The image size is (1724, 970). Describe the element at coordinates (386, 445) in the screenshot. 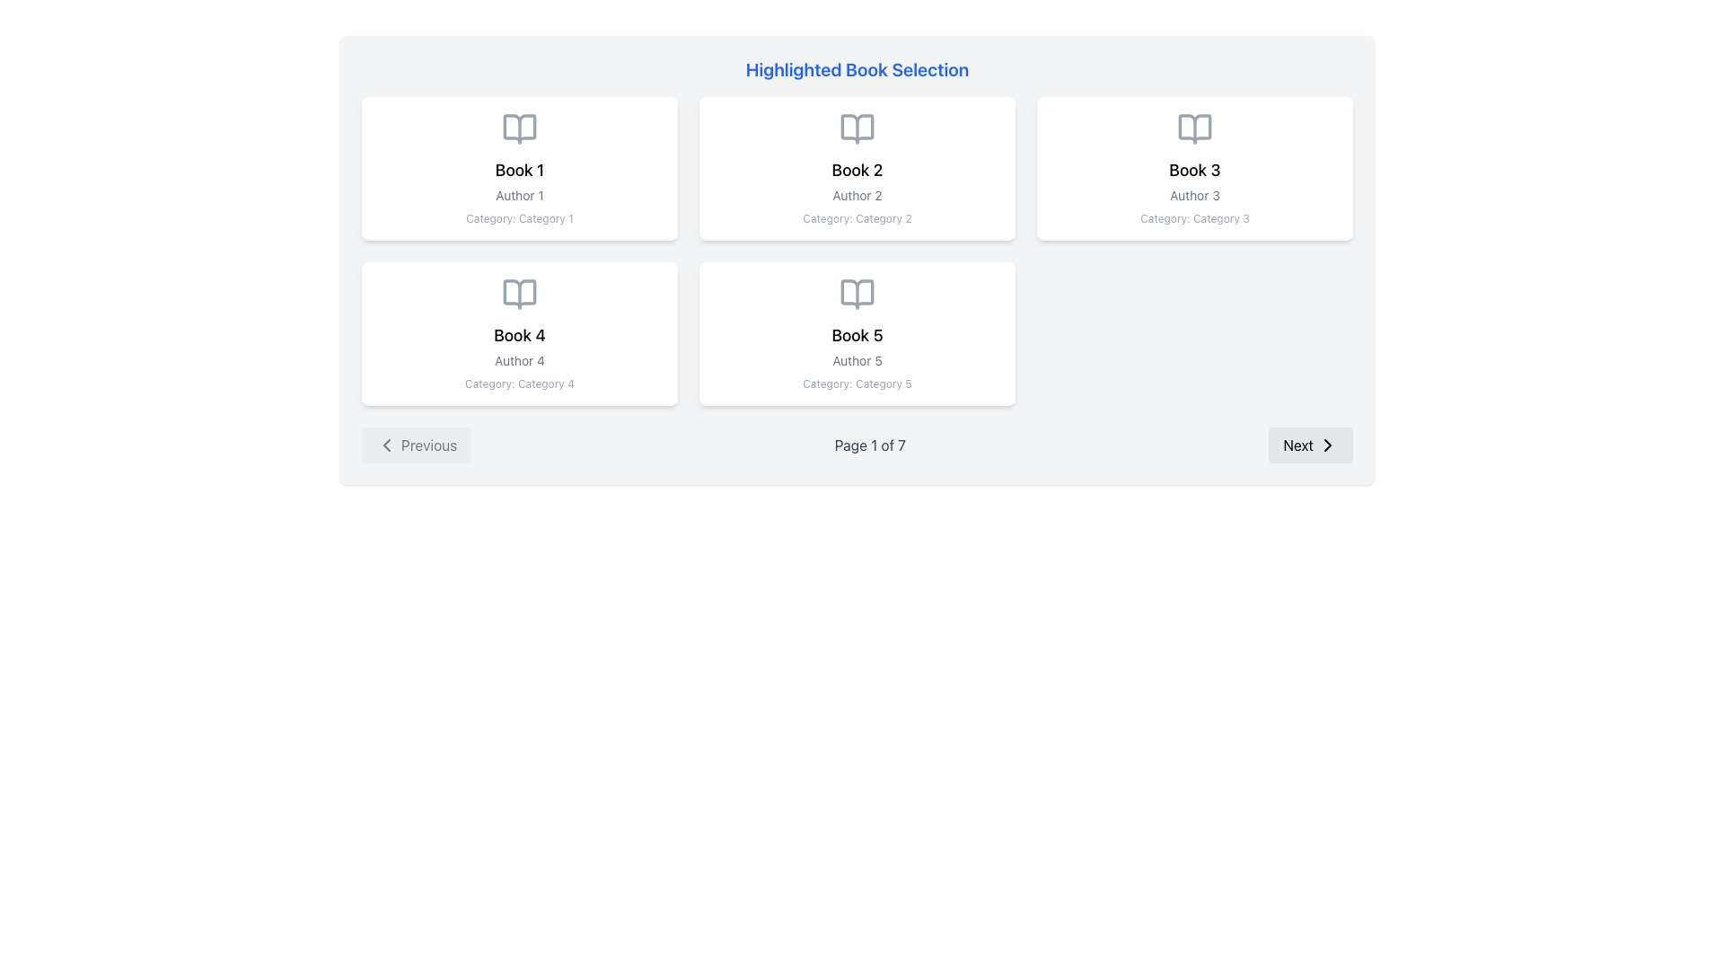

I see `the backward navigation icon located within the 'Previous' button at the bottom left of the interface` at that location.